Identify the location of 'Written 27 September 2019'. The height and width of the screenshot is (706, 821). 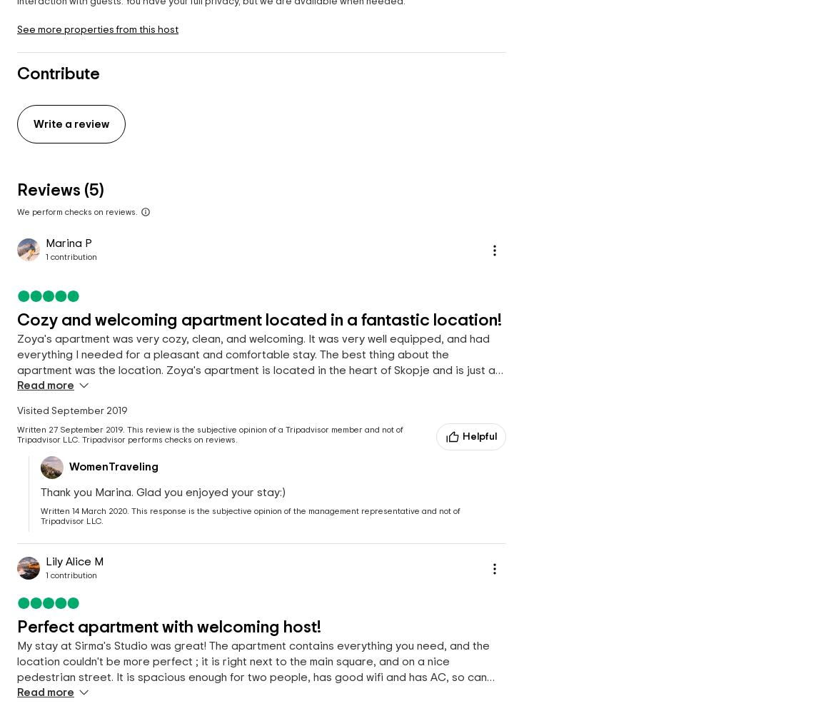
(69, 429).